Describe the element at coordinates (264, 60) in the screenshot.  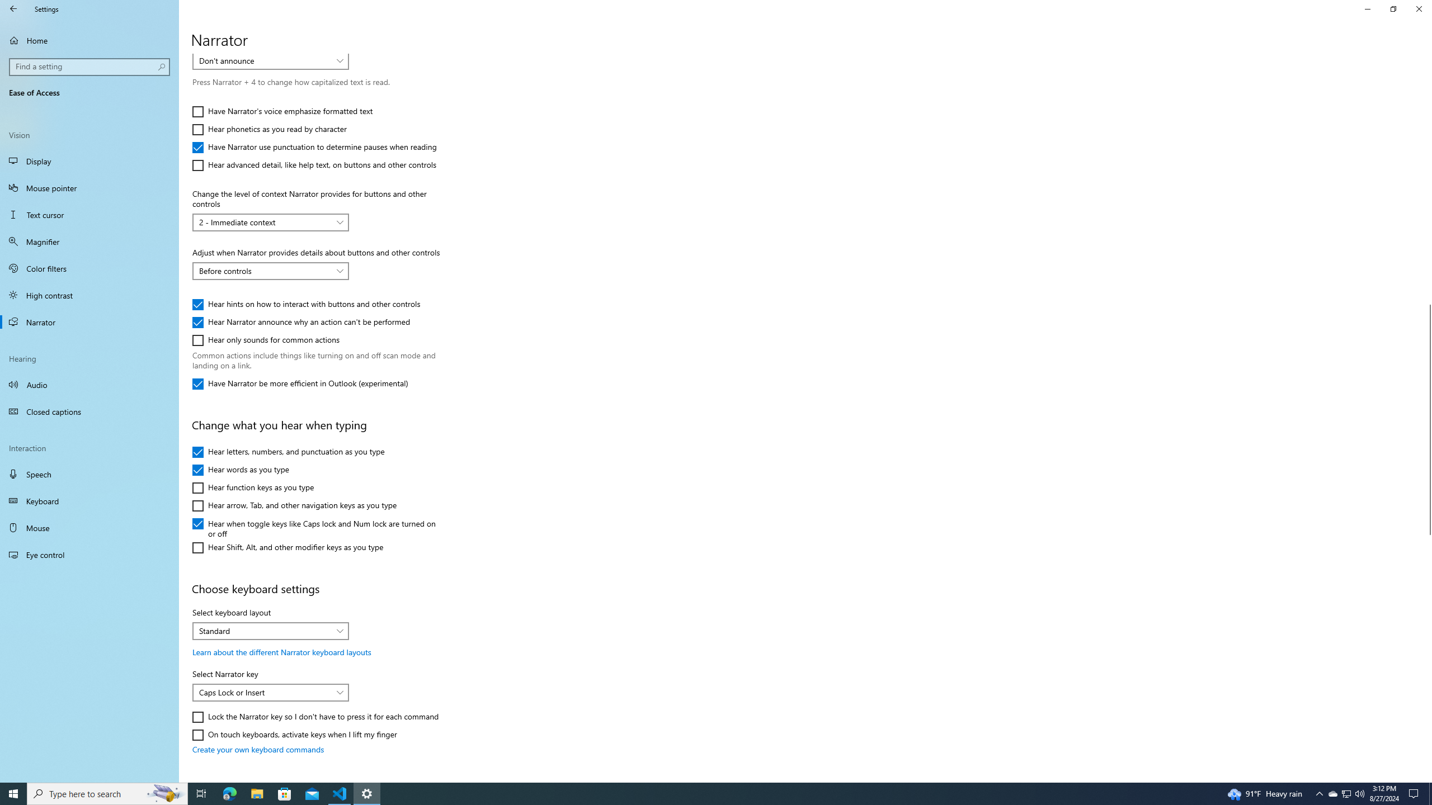
I see `'Don'` at that location.